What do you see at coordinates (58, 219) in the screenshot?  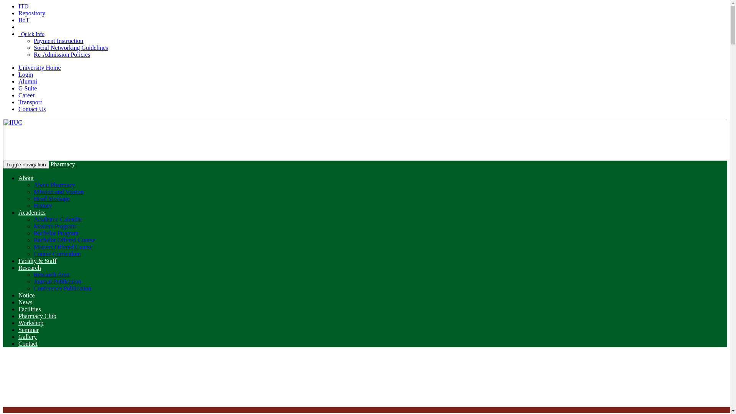 I see `'Academic Calendar'` at bounding box center [58, 219].